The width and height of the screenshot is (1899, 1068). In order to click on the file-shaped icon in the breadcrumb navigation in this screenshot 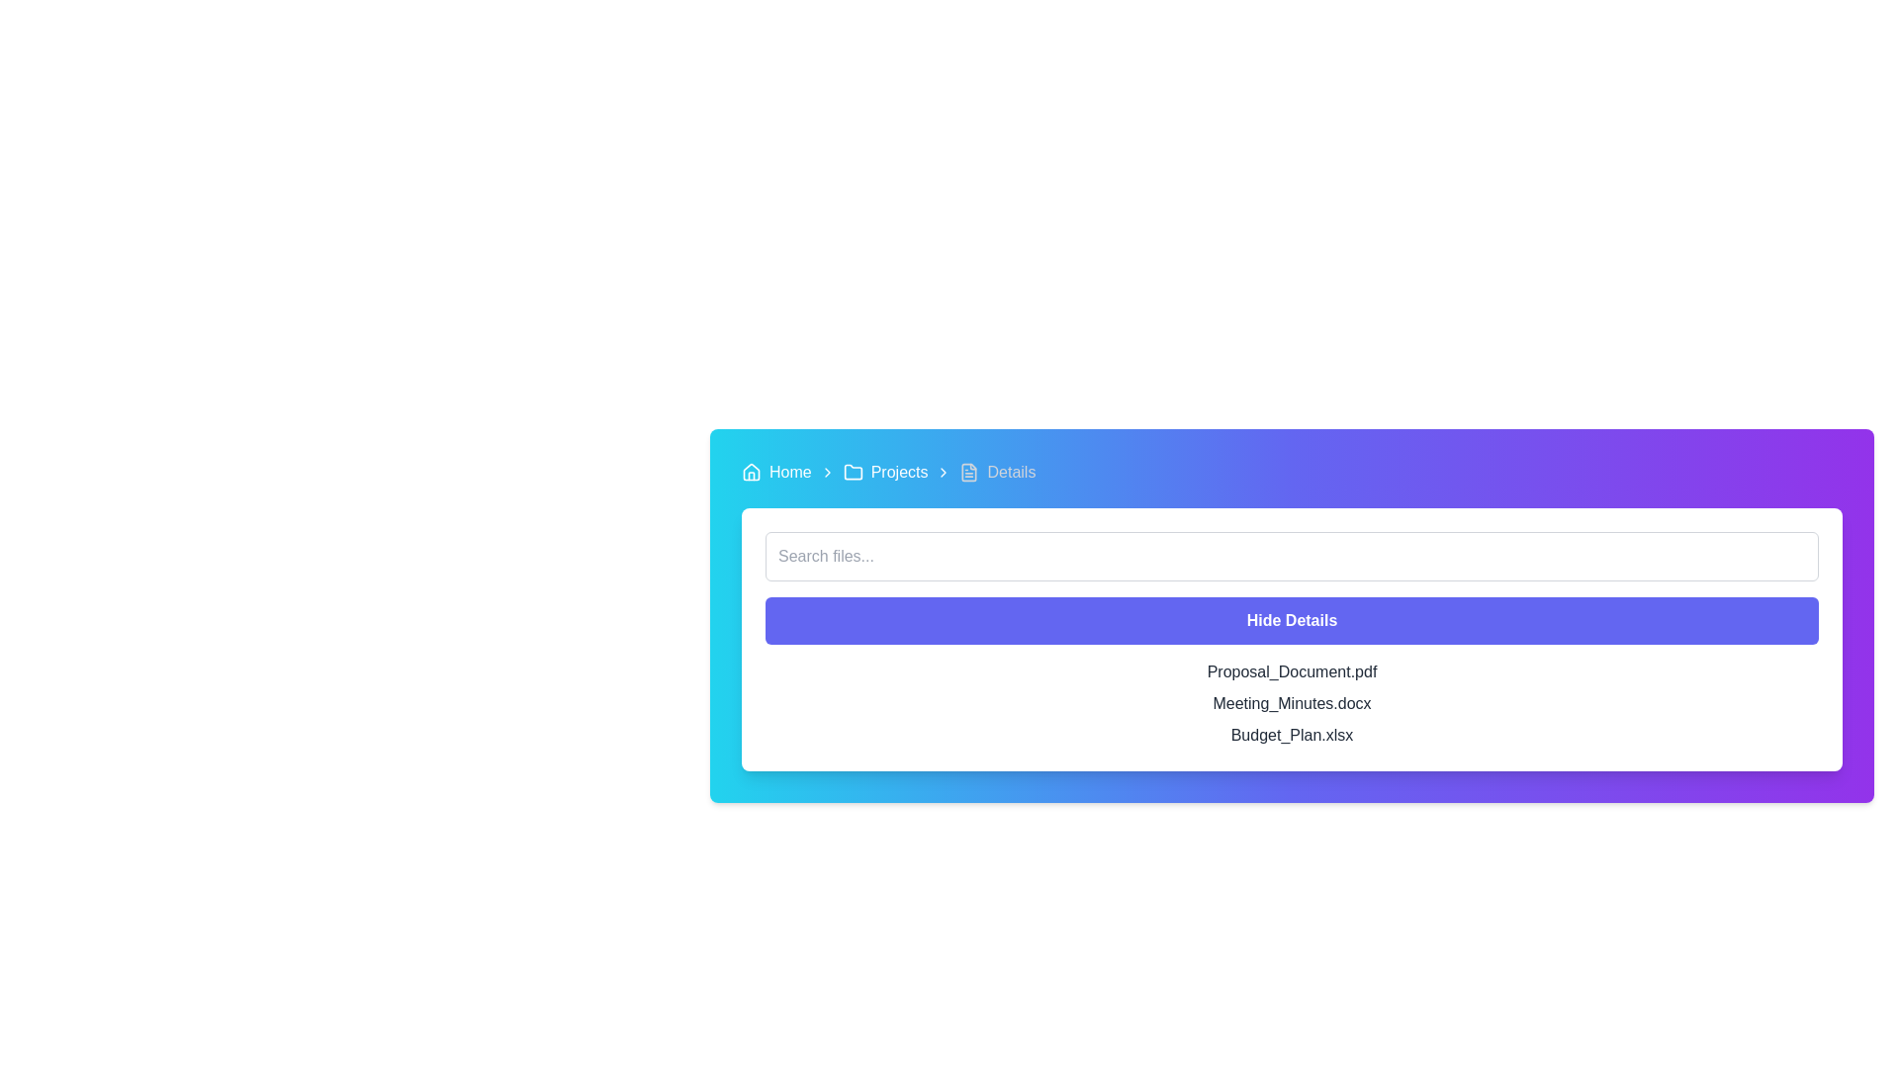, I will do `click(969, 473)`.